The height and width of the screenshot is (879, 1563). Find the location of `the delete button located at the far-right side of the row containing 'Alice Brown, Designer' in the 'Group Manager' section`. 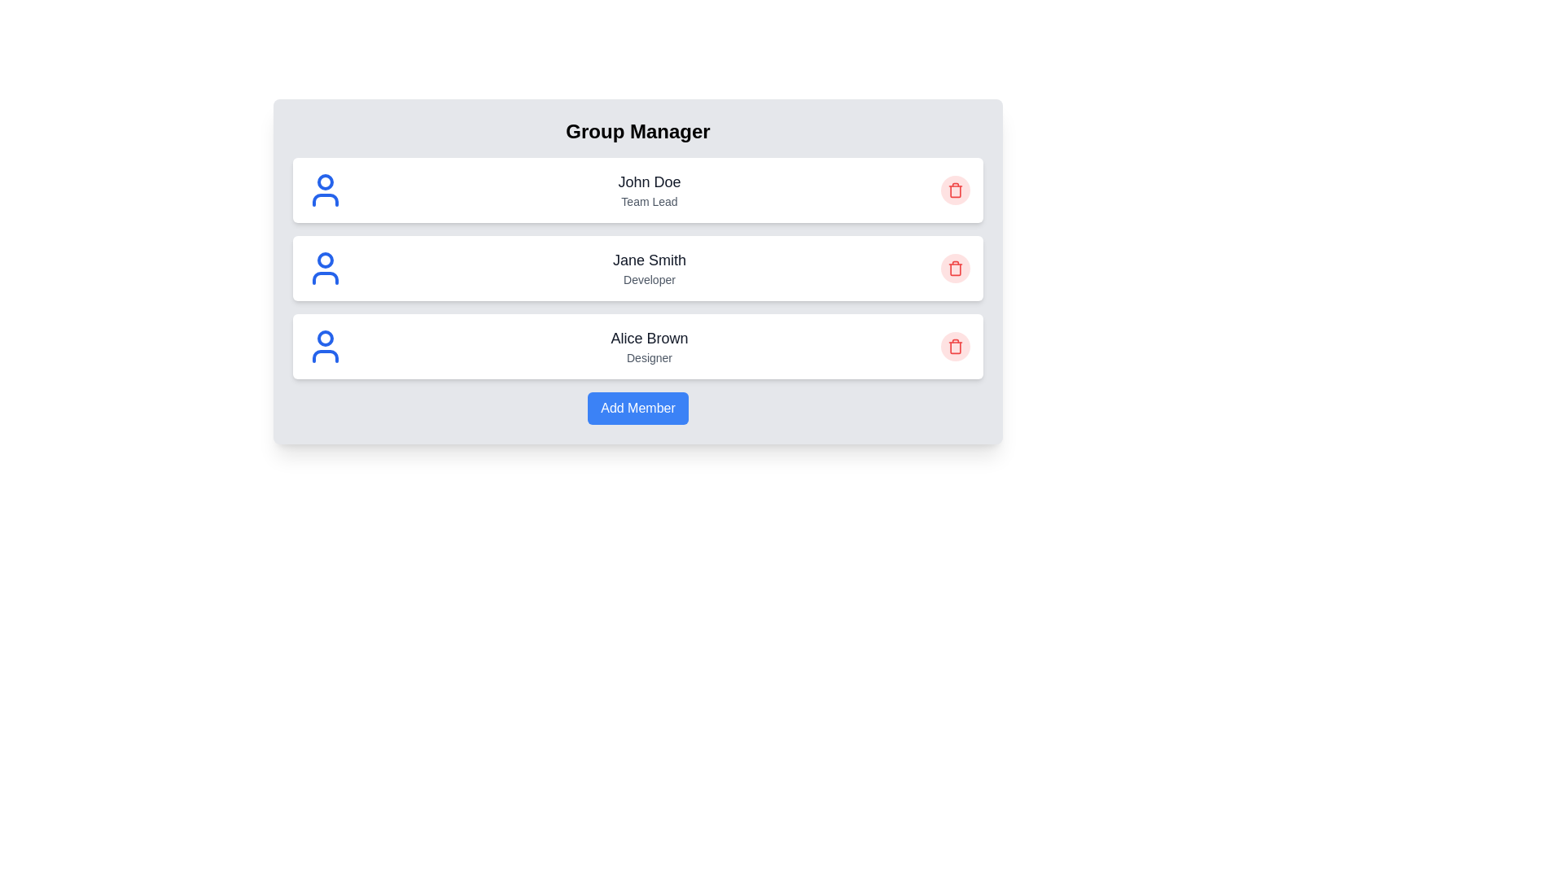

the delete button located at the far-right side of the row containing 'Alice Brown, Designer' in the 'Group Manager' section is located at coordinates (956, 345).